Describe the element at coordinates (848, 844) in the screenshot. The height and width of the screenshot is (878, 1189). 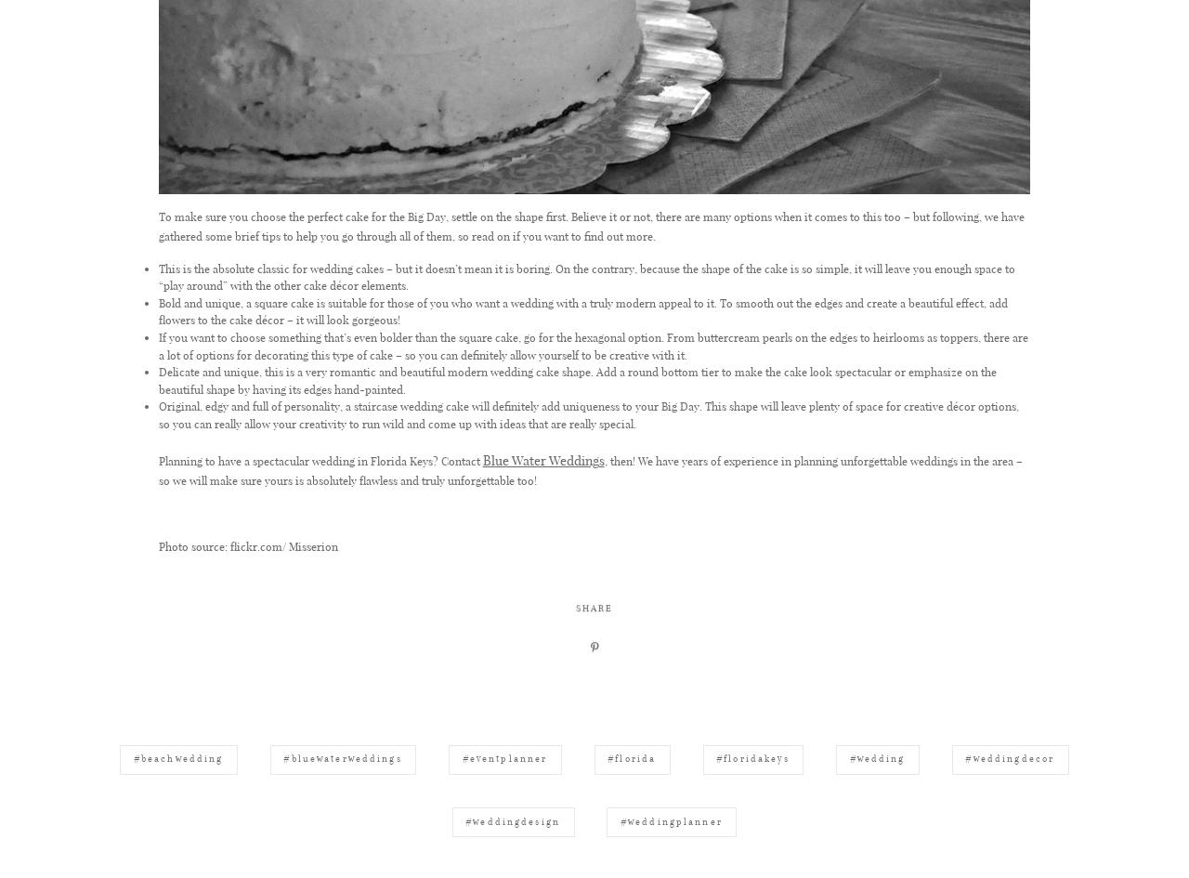
I see `'#wedding'` at that location.